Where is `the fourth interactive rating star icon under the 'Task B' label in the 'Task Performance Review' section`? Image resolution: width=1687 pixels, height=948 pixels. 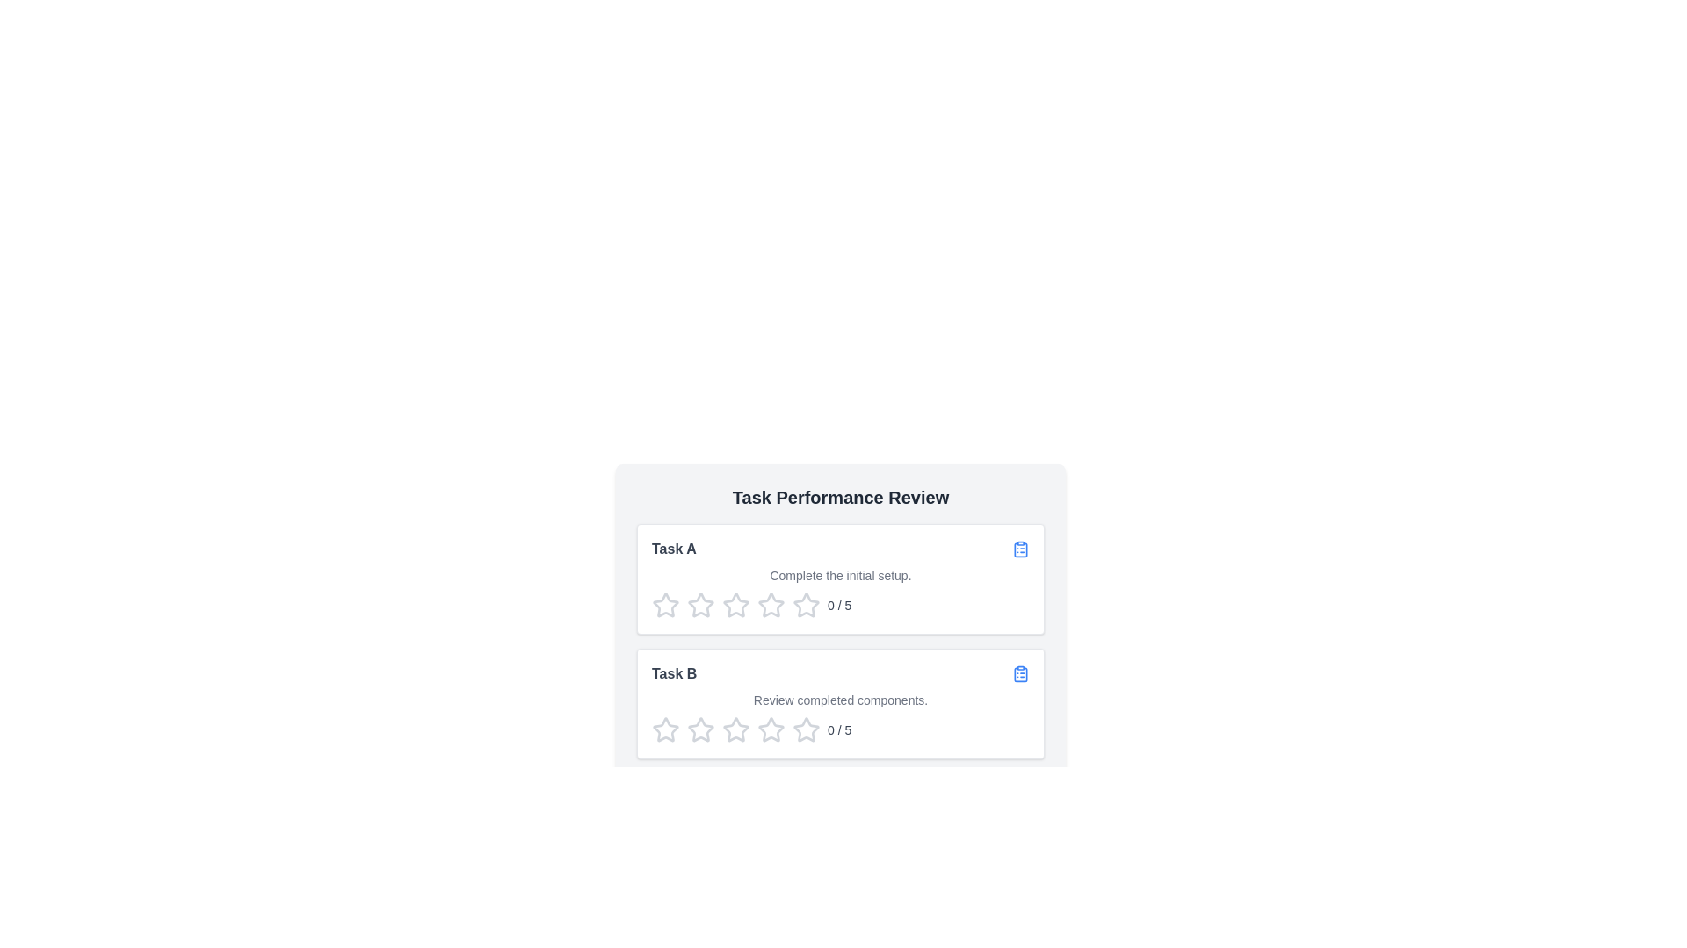
the fourth interactive rating star icon under the 'Task B' label in the 'Task Performance Review' section is located at coordinates (736, 730).